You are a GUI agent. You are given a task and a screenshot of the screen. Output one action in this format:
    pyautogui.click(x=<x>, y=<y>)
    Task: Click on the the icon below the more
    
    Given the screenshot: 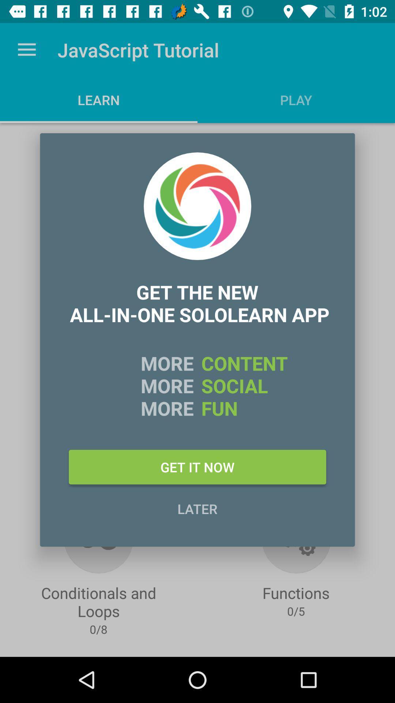 What is the action you would take?
    pyautogui.click(x=197, y=466)
    